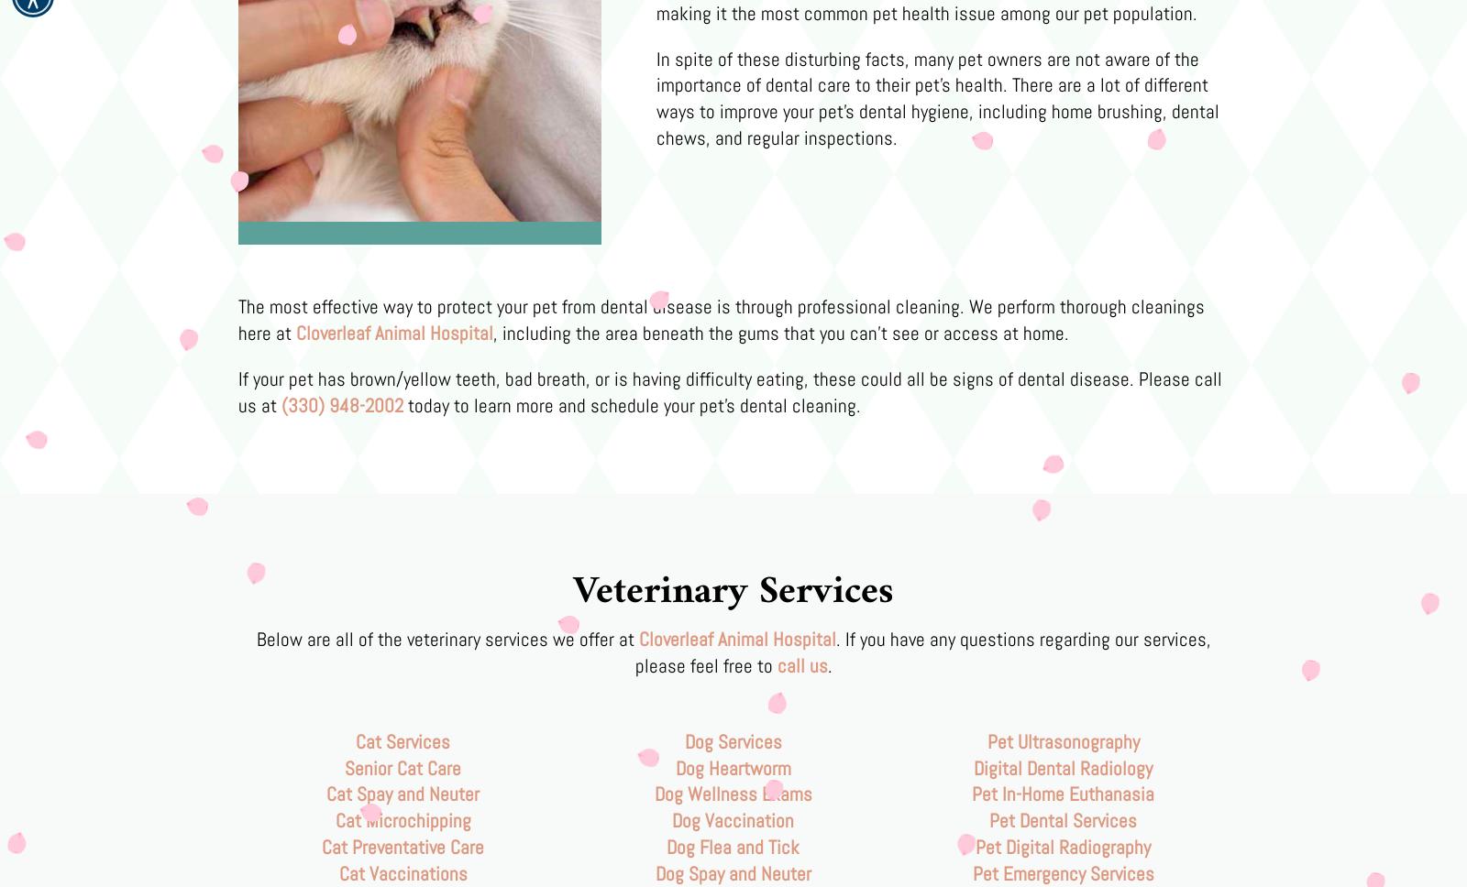 This screenshot has height=887, width=1467. What do you see at coordinates (722, 319) in the screenshot?
I see `'The most effective way to protect your pet from dental disease is through professional cleaning. We perform thorough cleanings here at'` at bounding box center [722, 319].